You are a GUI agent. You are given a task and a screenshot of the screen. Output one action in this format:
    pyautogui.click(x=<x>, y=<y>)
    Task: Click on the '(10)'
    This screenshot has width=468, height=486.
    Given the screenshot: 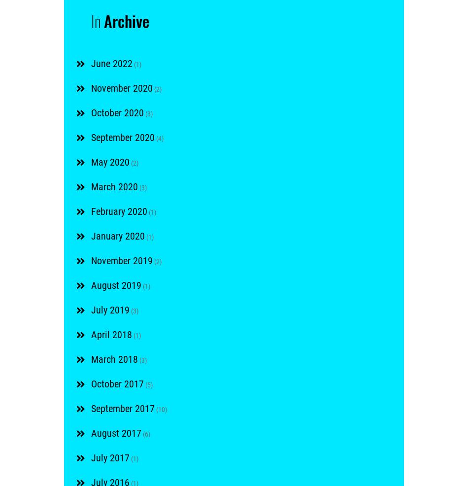 What is the action you would take?
    pyautogui.click(x=160, y=409)
    